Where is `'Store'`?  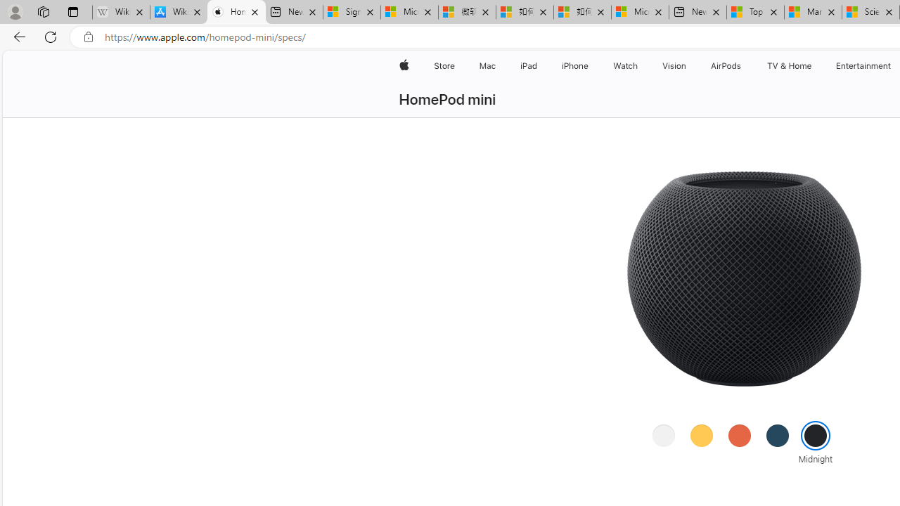
'Store' is located at coordinates (443, 65).